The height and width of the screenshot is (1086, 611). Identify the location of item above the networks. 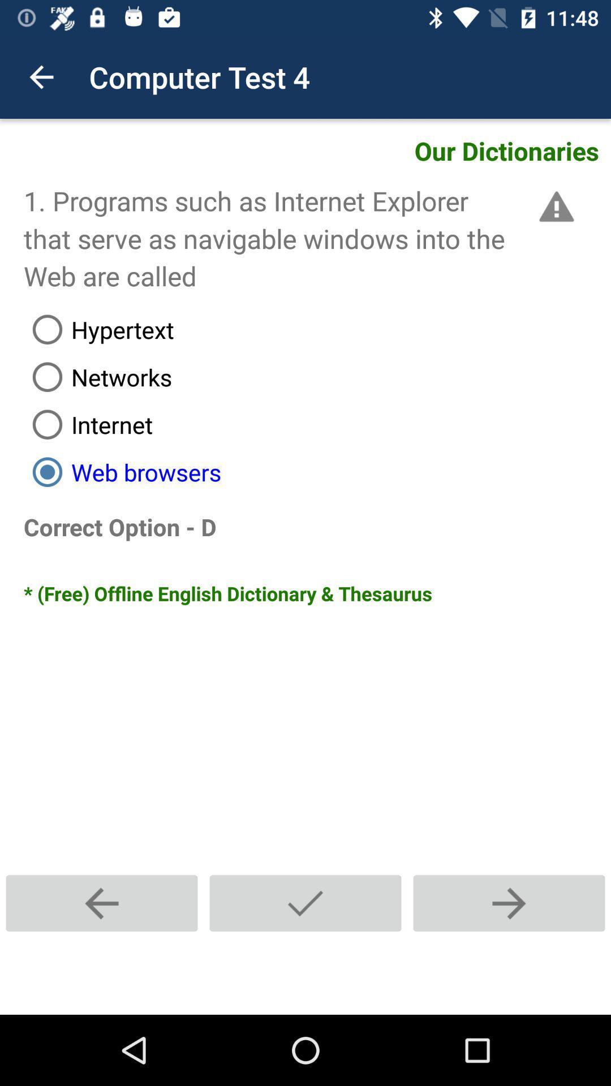
(317, 329).